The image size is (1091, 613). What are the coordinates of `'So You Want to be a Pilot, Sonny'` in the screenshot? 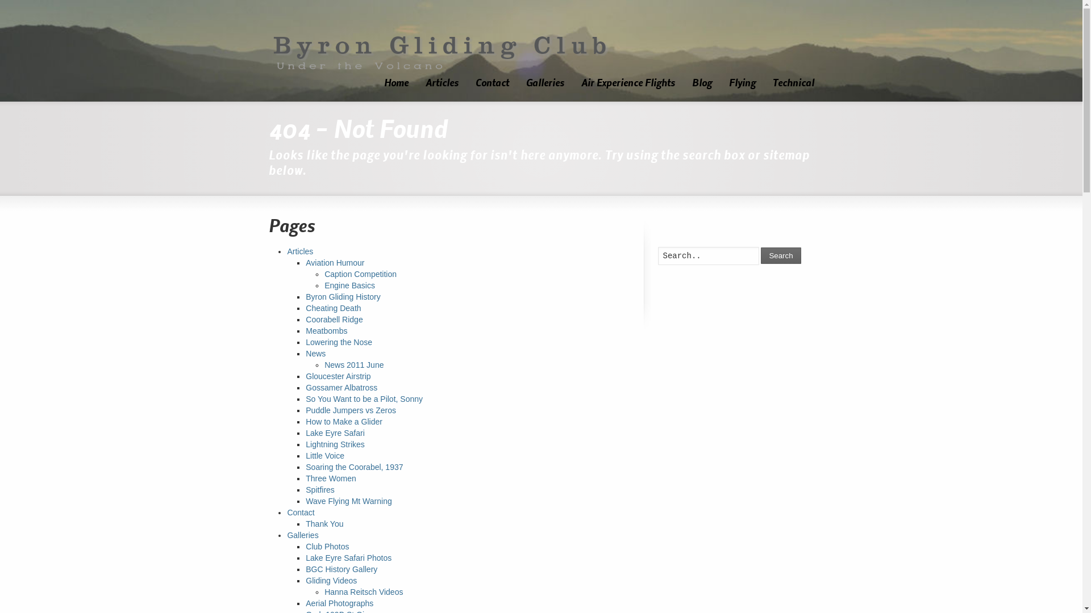 It's located at (364, 398).